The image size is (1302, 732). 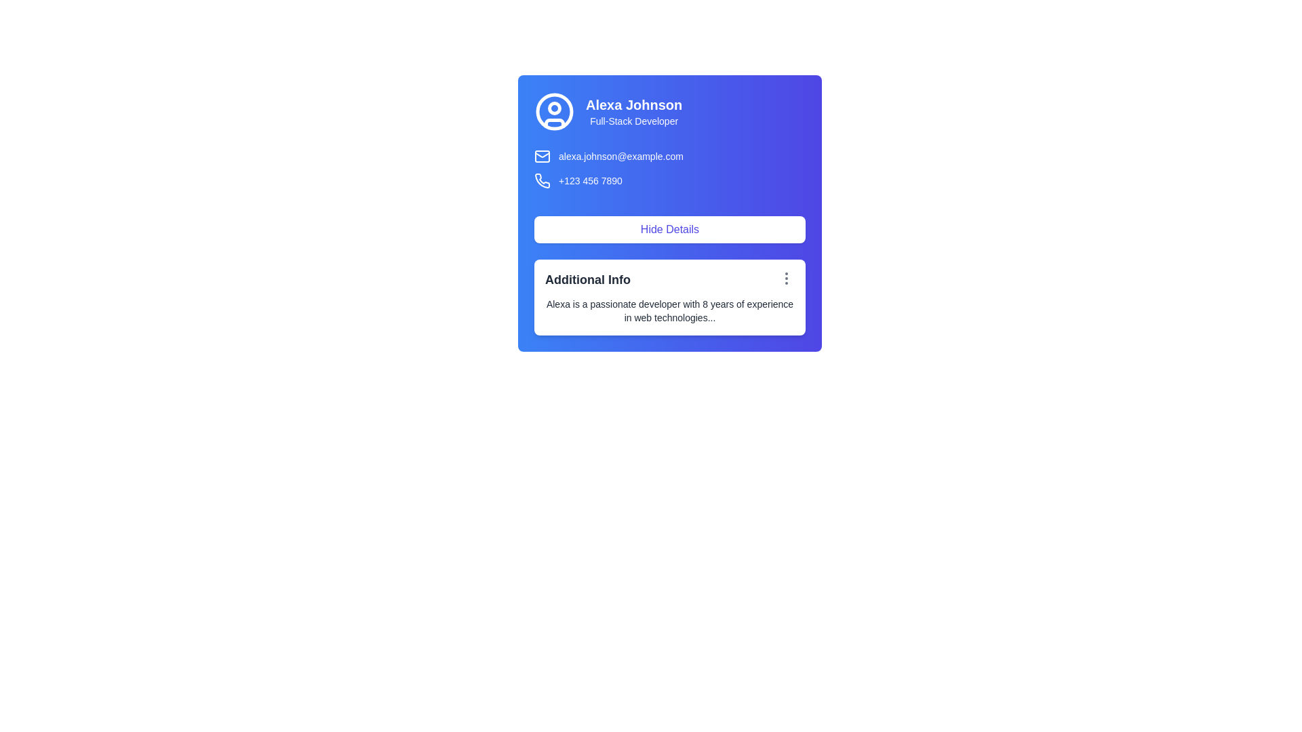 I want to click on the text element displaying the user's email address, which is visually indicated by an envelope icon, positioned above the phone number entry and below the user's name, so click(x=670, y=156).